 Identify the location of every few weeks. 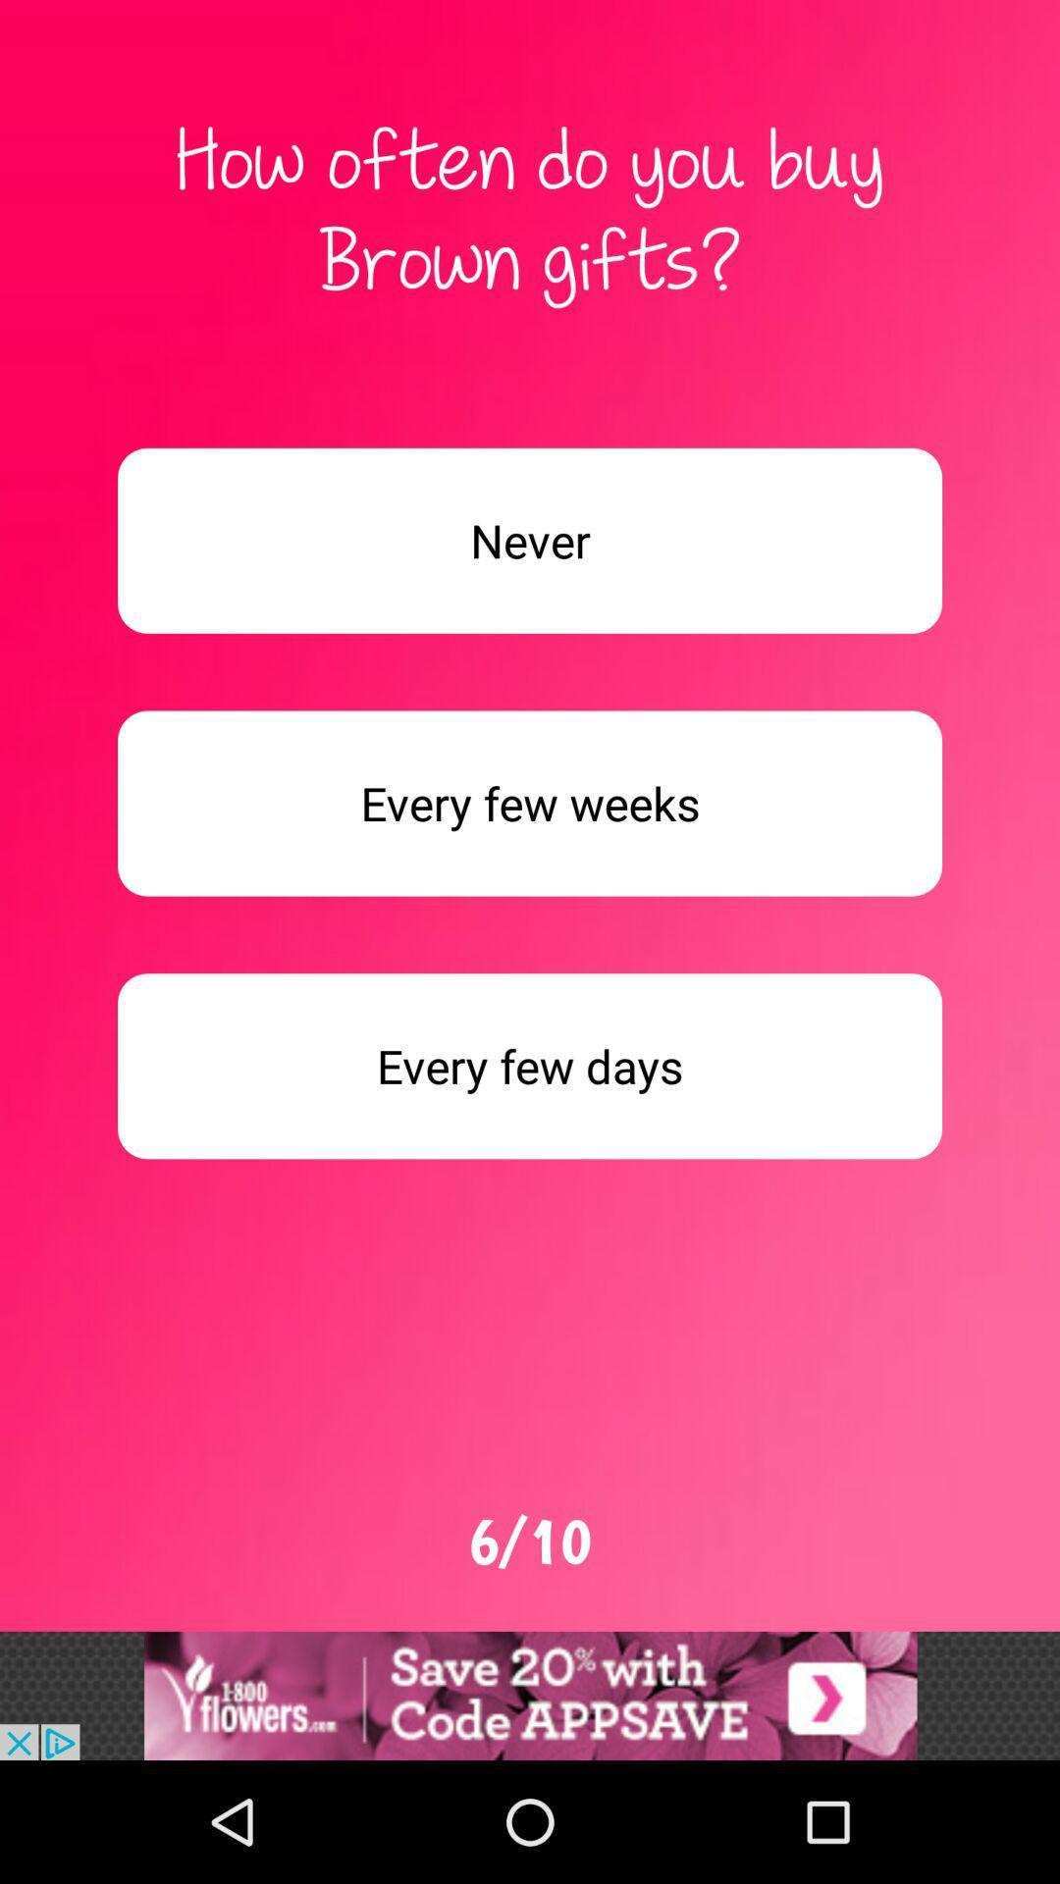
(530, 804).